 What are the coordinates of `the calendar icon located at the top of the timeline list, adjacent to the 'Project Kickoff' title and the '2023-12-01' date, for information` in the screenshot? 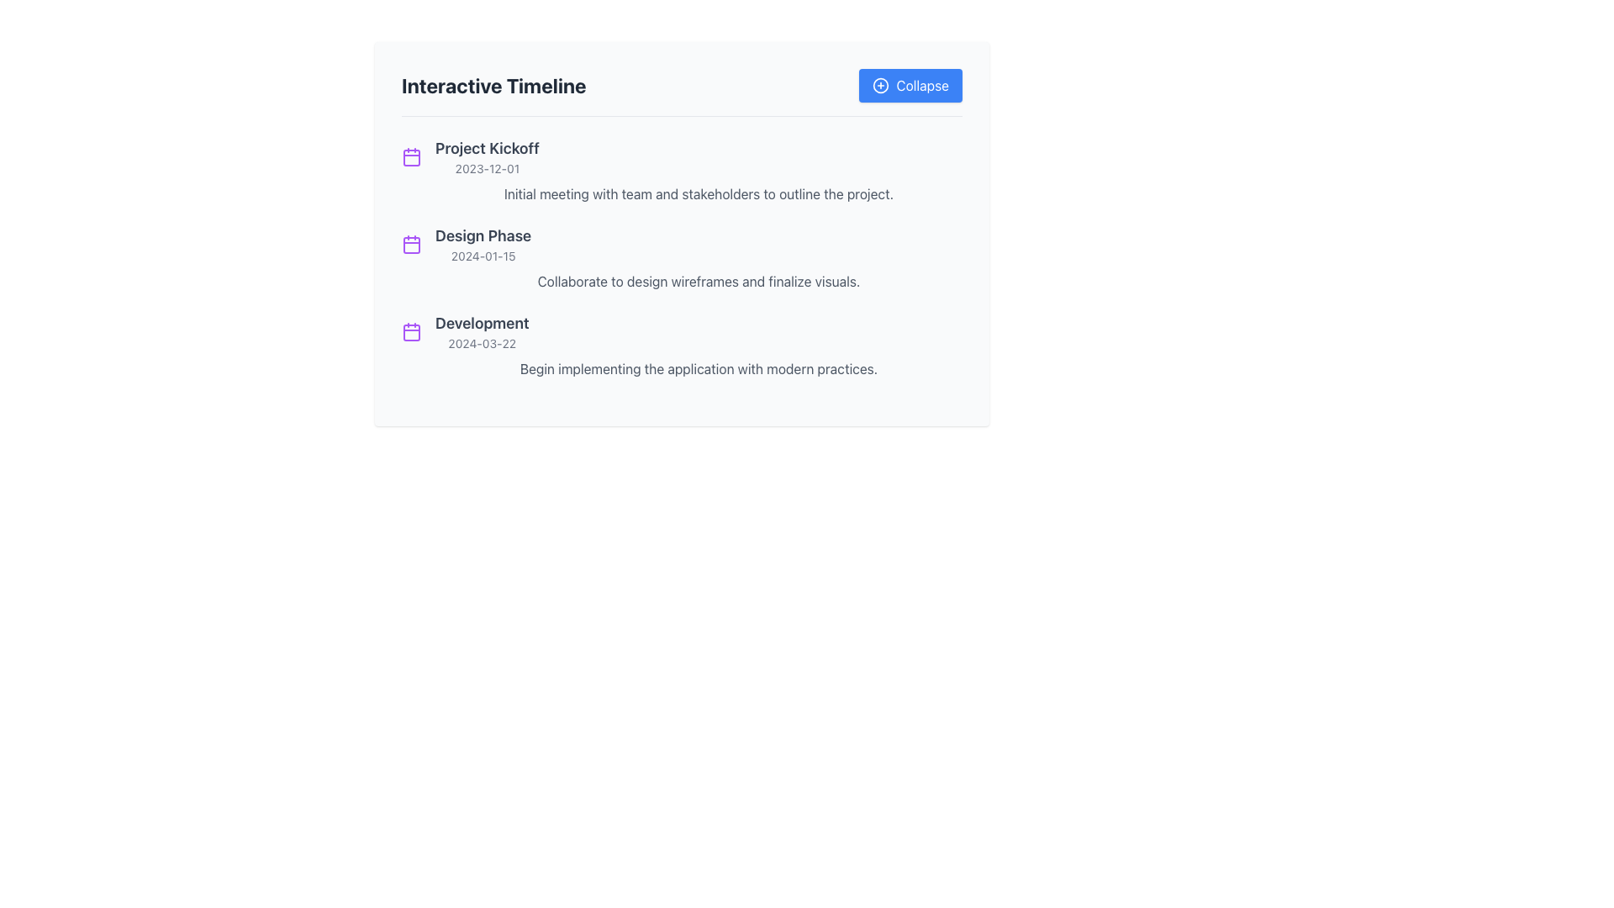 It's located at (411, 156).